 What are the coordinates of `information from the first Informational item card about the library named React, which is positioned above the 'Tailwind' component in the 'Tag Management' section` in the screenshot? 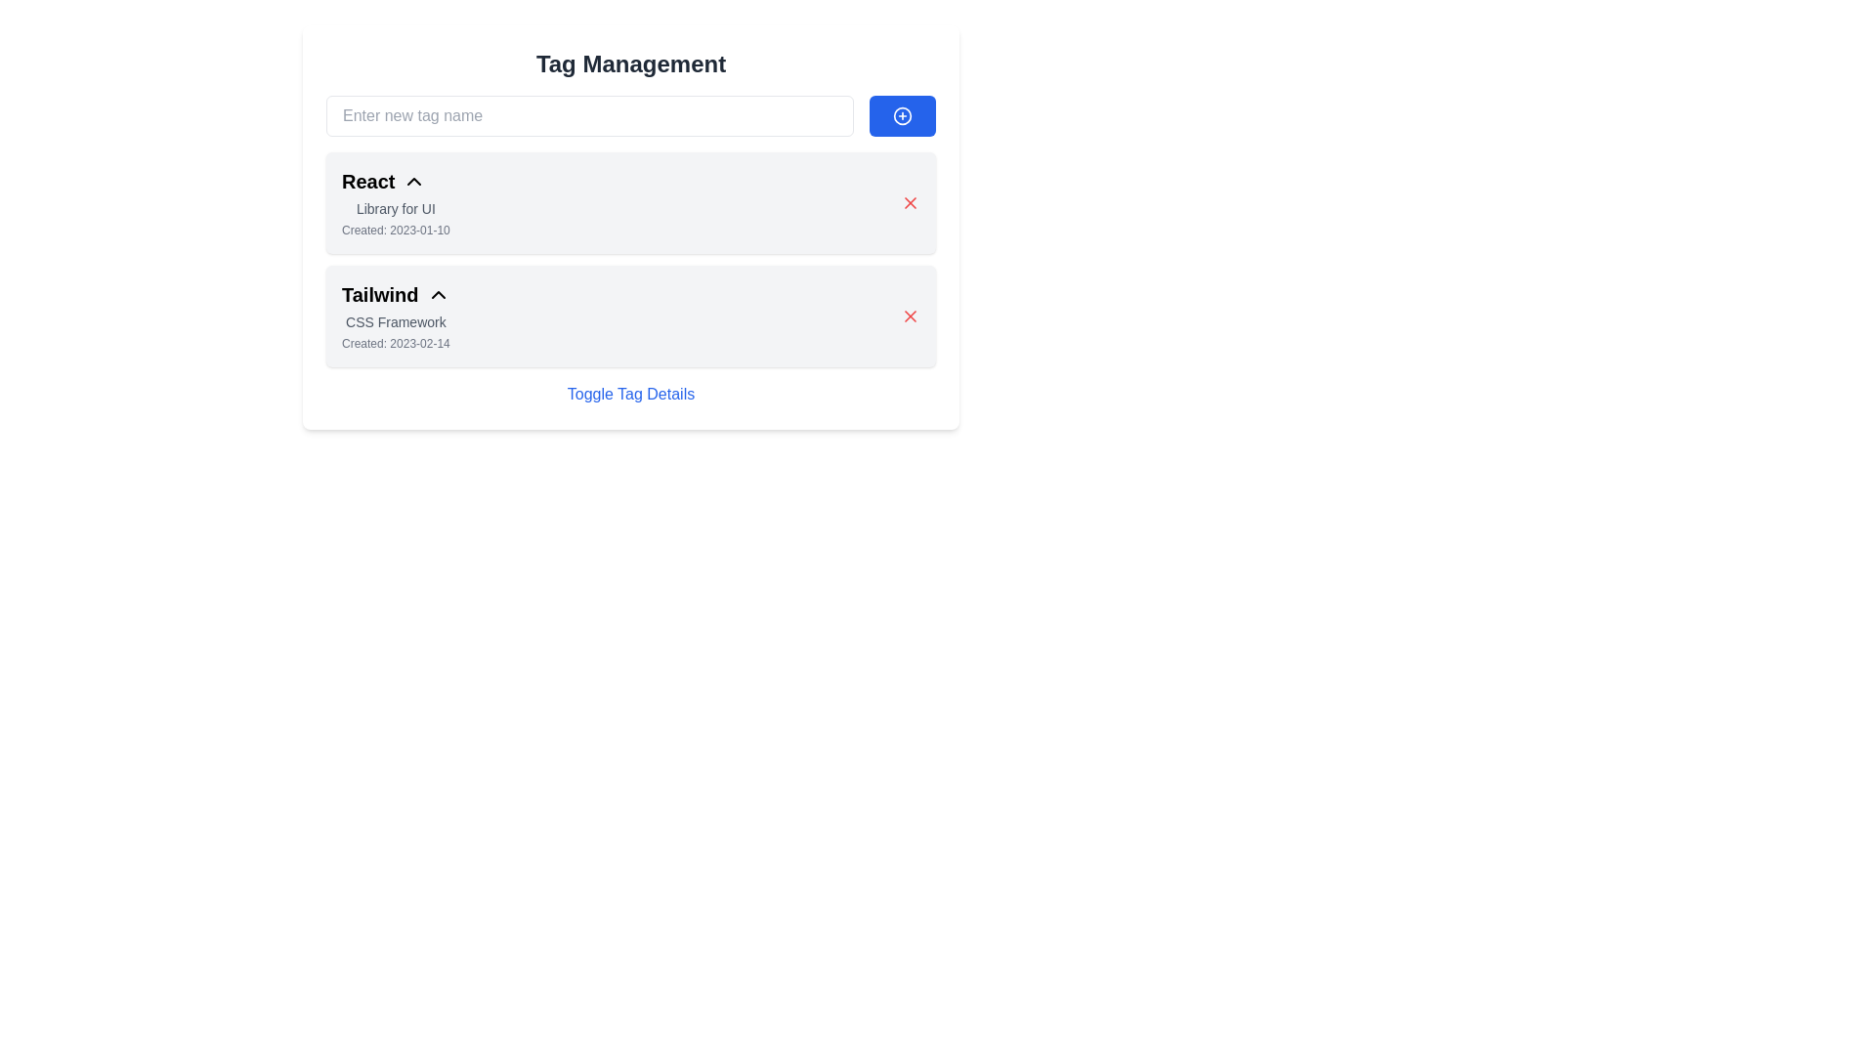 It's located at (631, 203).